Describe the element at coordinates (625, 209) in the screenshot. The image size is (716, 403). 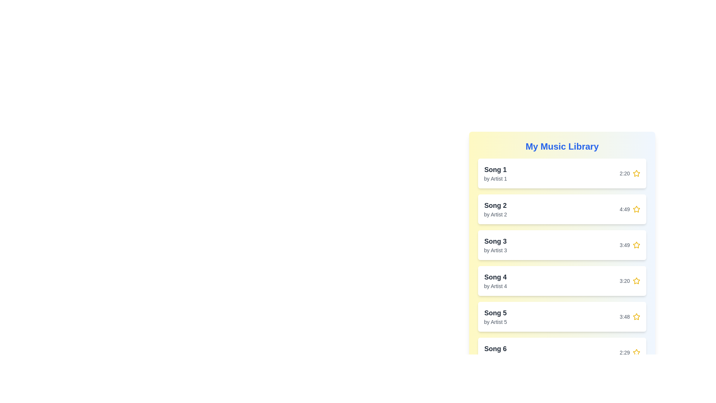
I see `the text label displaying '4:49' in gray font, which is positioned to the left of a star icon within the second card of a vertical list` at that location.